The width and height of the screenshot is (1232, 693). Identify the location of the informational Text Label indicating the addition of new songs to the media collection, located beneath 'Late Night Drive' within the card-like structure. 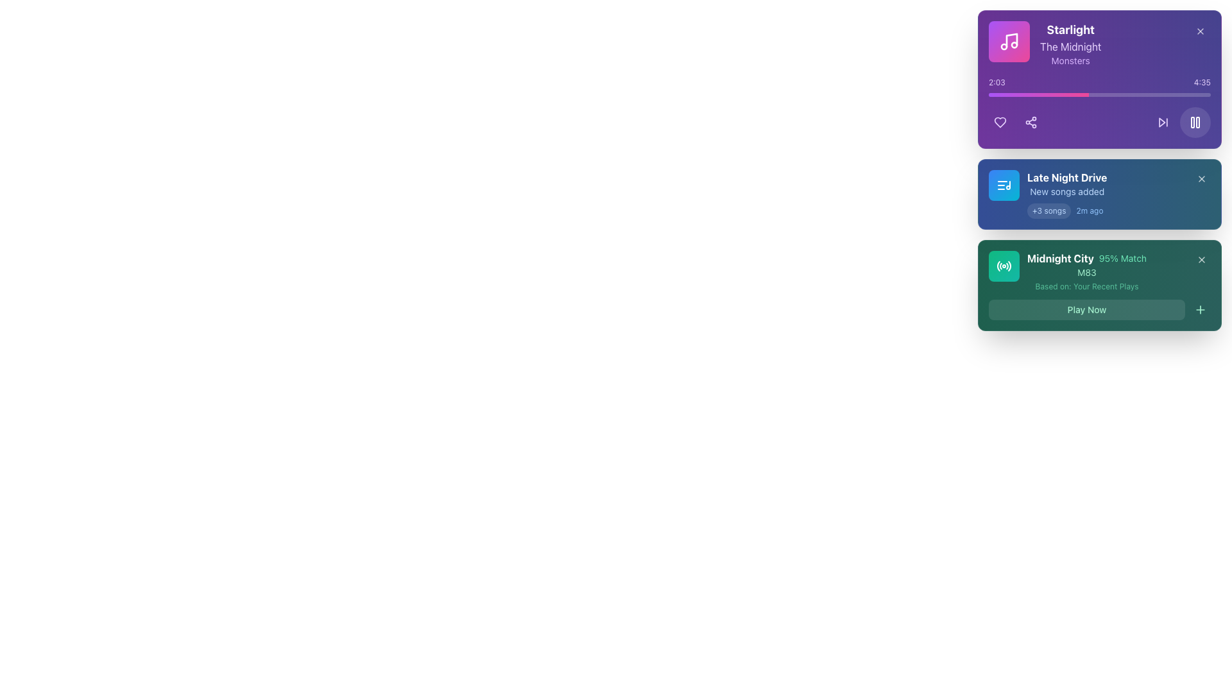
(1067, 192).